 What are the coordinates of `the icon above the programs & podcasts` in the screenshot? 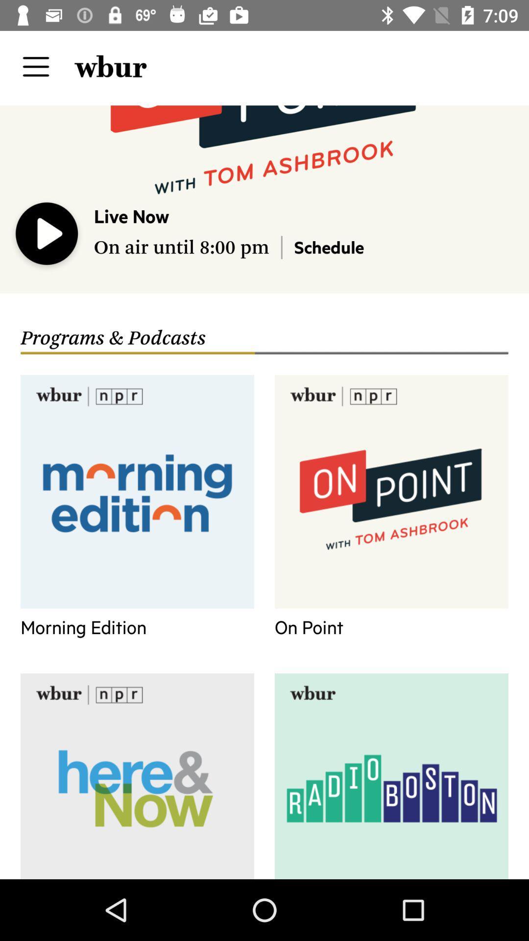 It's located at (47, 236).